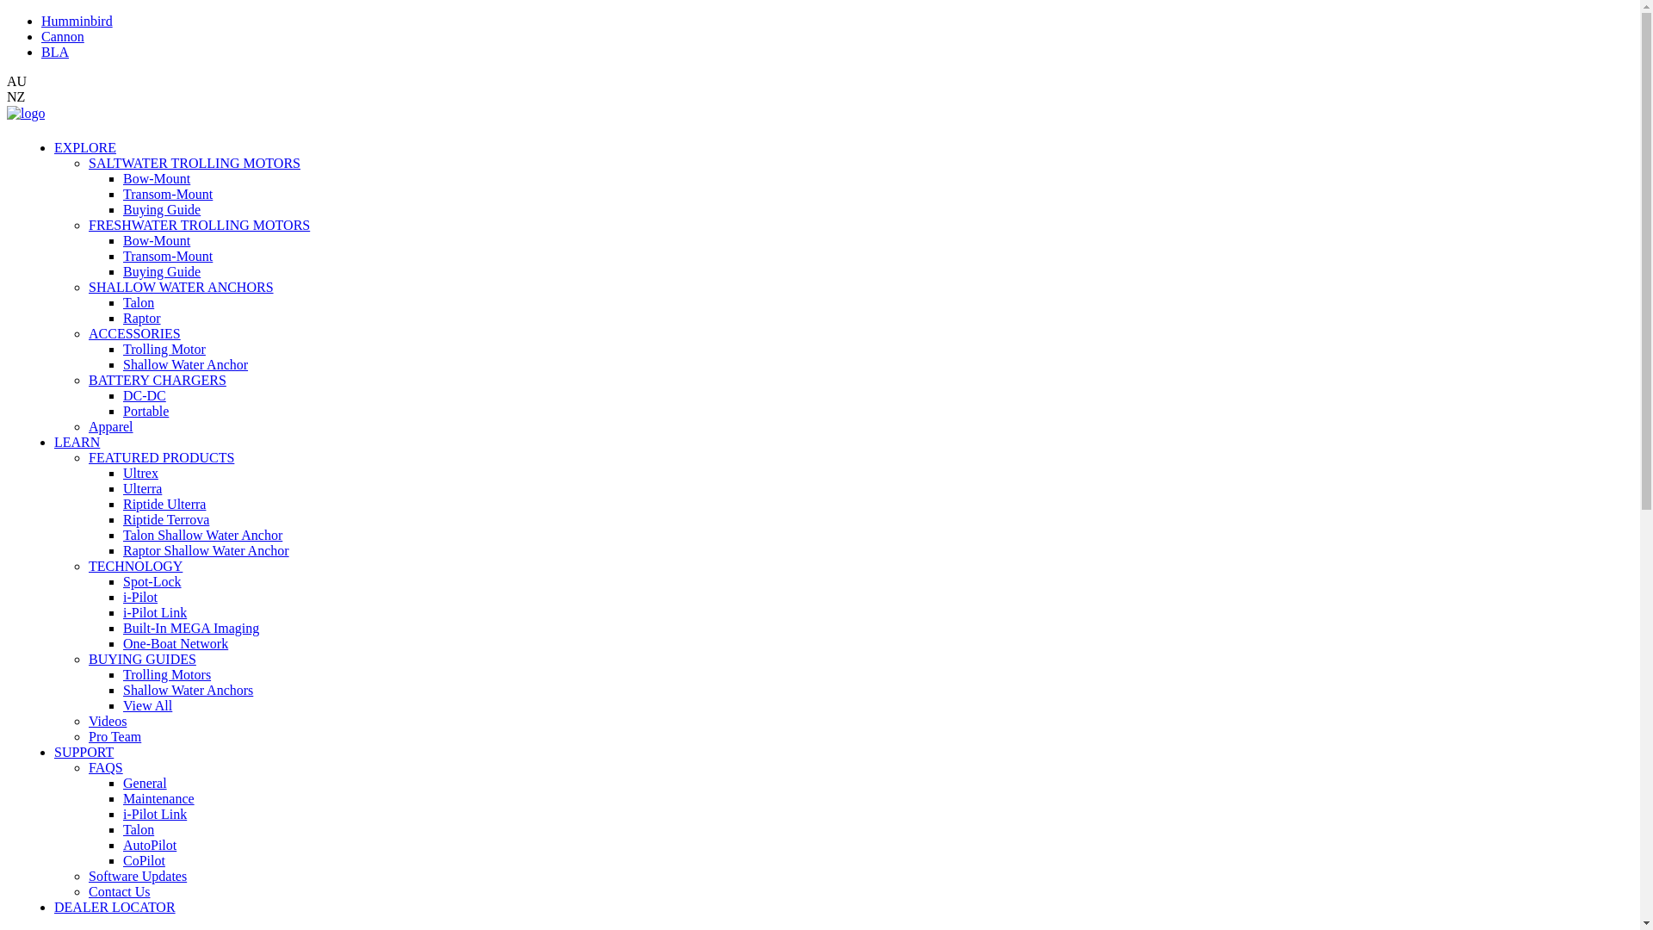 This screenshot has width=1653, height=930. What do you see at coordinates (157, 240) in the screenshot?
I see `'Bow-Mount'` at bounding box center [157, 240].